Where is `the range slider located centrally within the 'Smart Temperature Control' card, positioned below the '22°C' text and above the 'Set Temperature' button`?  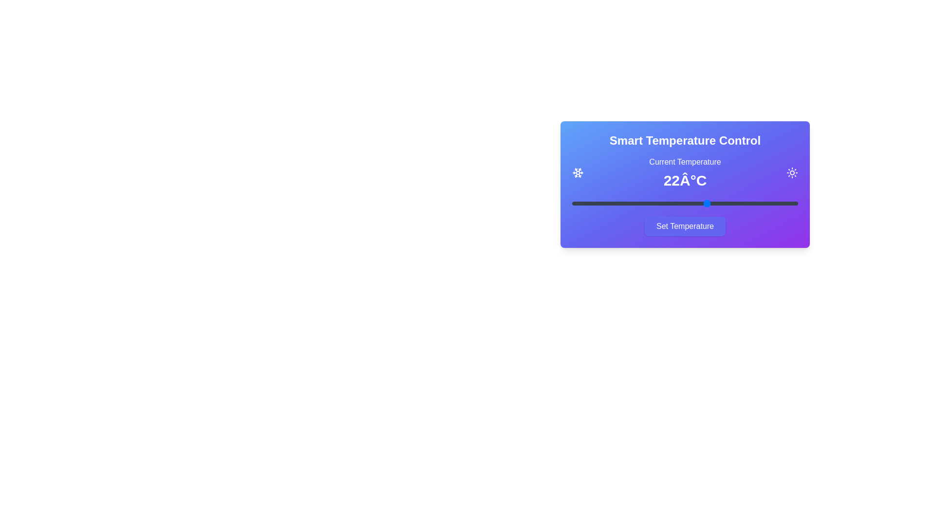
the range slider located centrally within the 'Smart Temperature Control' card, positioned below the '22°C' text and above the 'Set Temperature' button is located at coordinates (684, 203).